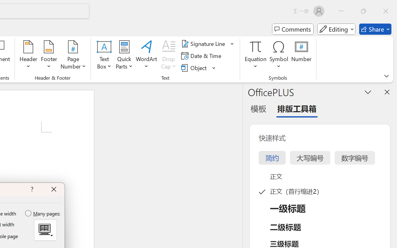  What do you see at coordinates (28, 55) in the screenshot?
I see `'Header'` at bounding box center [28, 55].